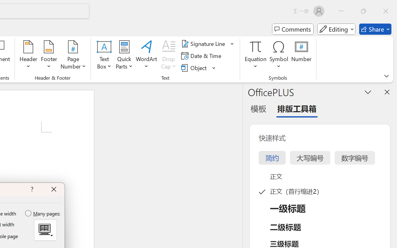  What do you see at coordinates (28, 55) in the screenshot?
I see `'Header'` at bounding box center [28, 55].